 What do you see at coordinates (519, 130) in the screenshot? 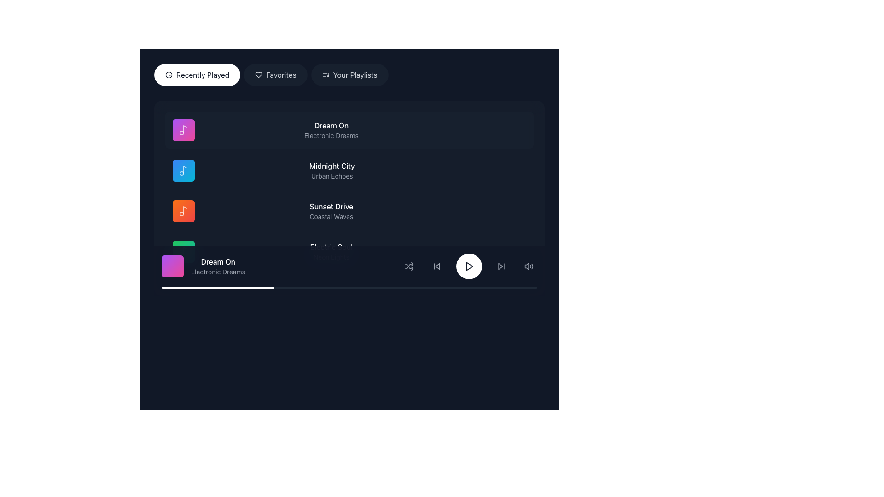
I see `the options menu opener button located in the top-right corner of the row for the song 'Dream On' by 'Electronic Dreams'` at bounding box center [519, 130].